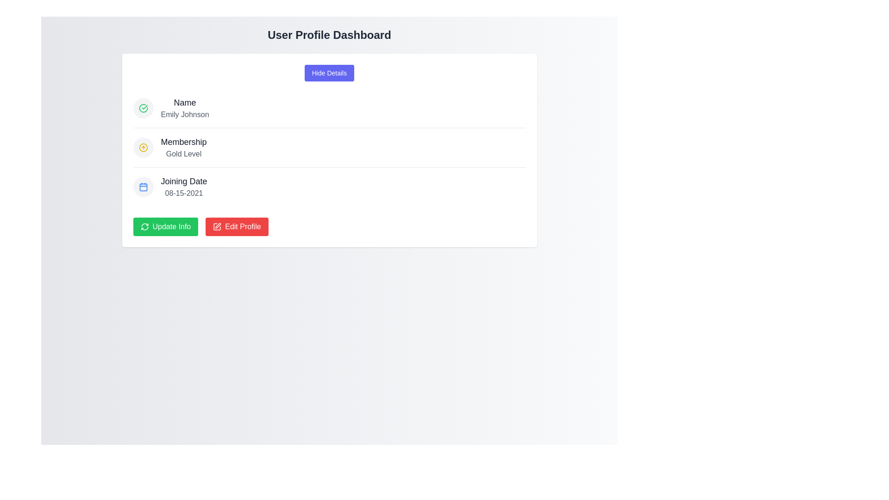  Describe the element at coordinates (329, 73) in the screenshot. I see `the button located below the 'User Profile Dashboard' heading` at that location.